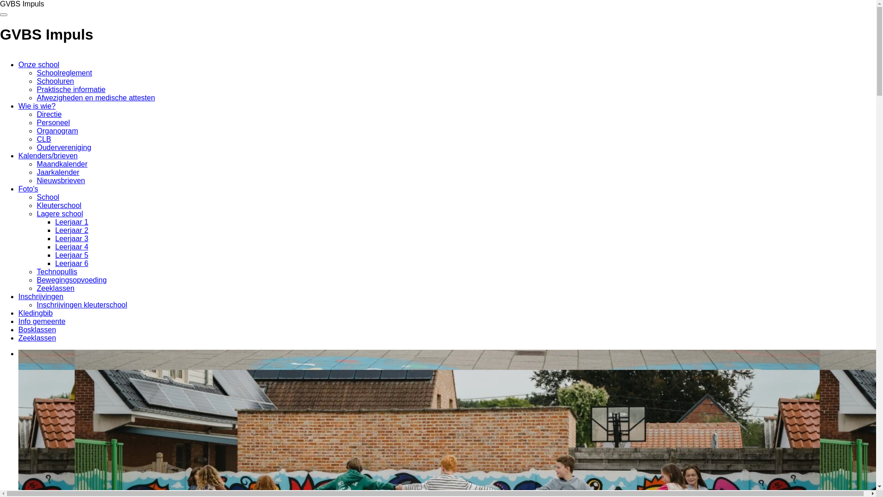 The image size is (883, 497). What do you see at coordinates (52, 122) in the screenshot?
I see `'Personeel'` at bounding box center [52, 122].